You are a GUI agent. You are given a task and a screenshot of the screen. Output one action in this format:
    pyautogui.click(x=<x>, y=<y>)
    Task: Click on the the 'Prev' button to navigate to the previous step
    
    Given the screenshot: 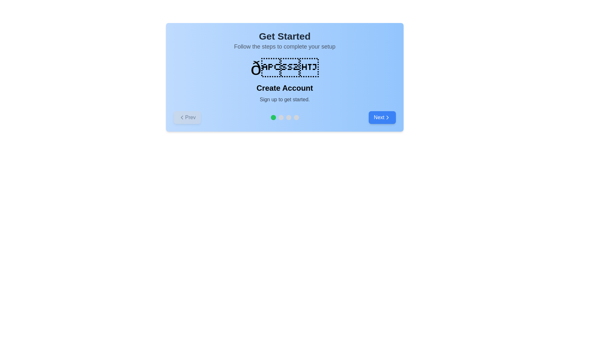 What is the action you would take?
    pyautogui.click(x=187, y=117)
    